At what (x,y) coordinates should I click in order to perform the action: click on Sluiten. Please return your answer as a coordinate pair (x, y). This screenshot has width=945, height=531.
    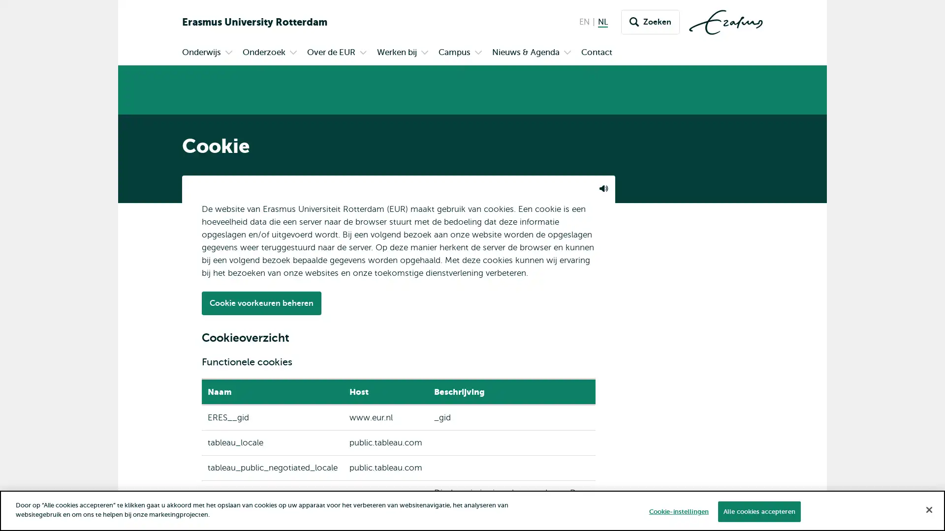
    Looking at the image, I should click on (928, 509).